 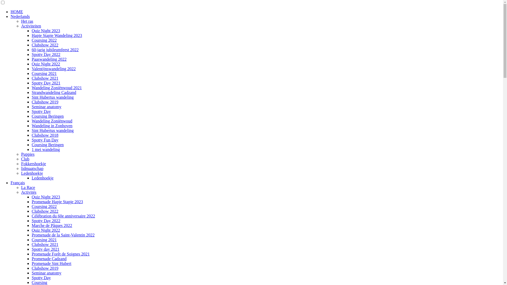 I want to click on 'lidmaatschap', so click(x=32, y=168).